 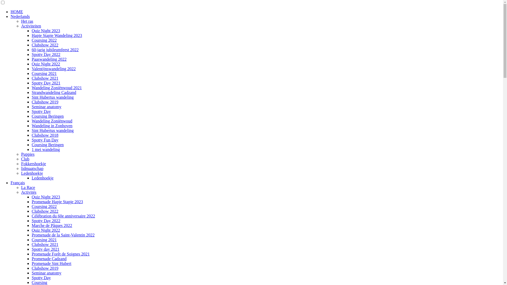 I want to click on 'lidmaatschap', so click(x=32, y=168).